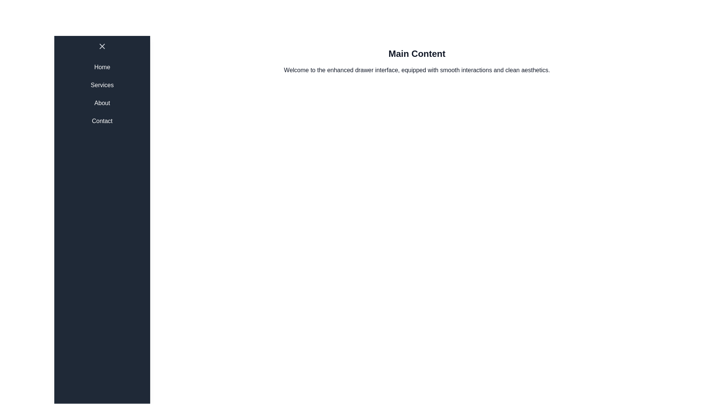  What do you see at coordinates (102, 46) in the screenshot?
I see `the menu close button` at bounding box center [102, 46].